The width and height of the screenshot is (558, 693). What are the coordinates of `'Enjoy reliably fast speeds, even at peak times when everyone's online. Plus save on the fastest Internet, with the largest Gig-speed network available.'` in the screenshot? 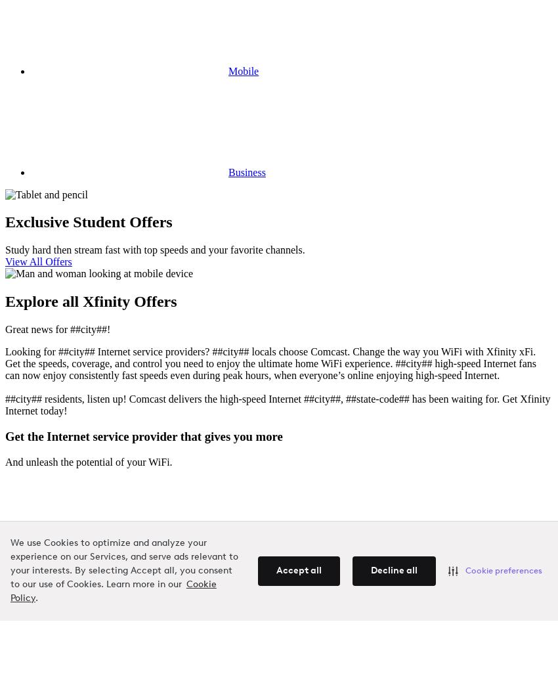 It's located at (278, 590).